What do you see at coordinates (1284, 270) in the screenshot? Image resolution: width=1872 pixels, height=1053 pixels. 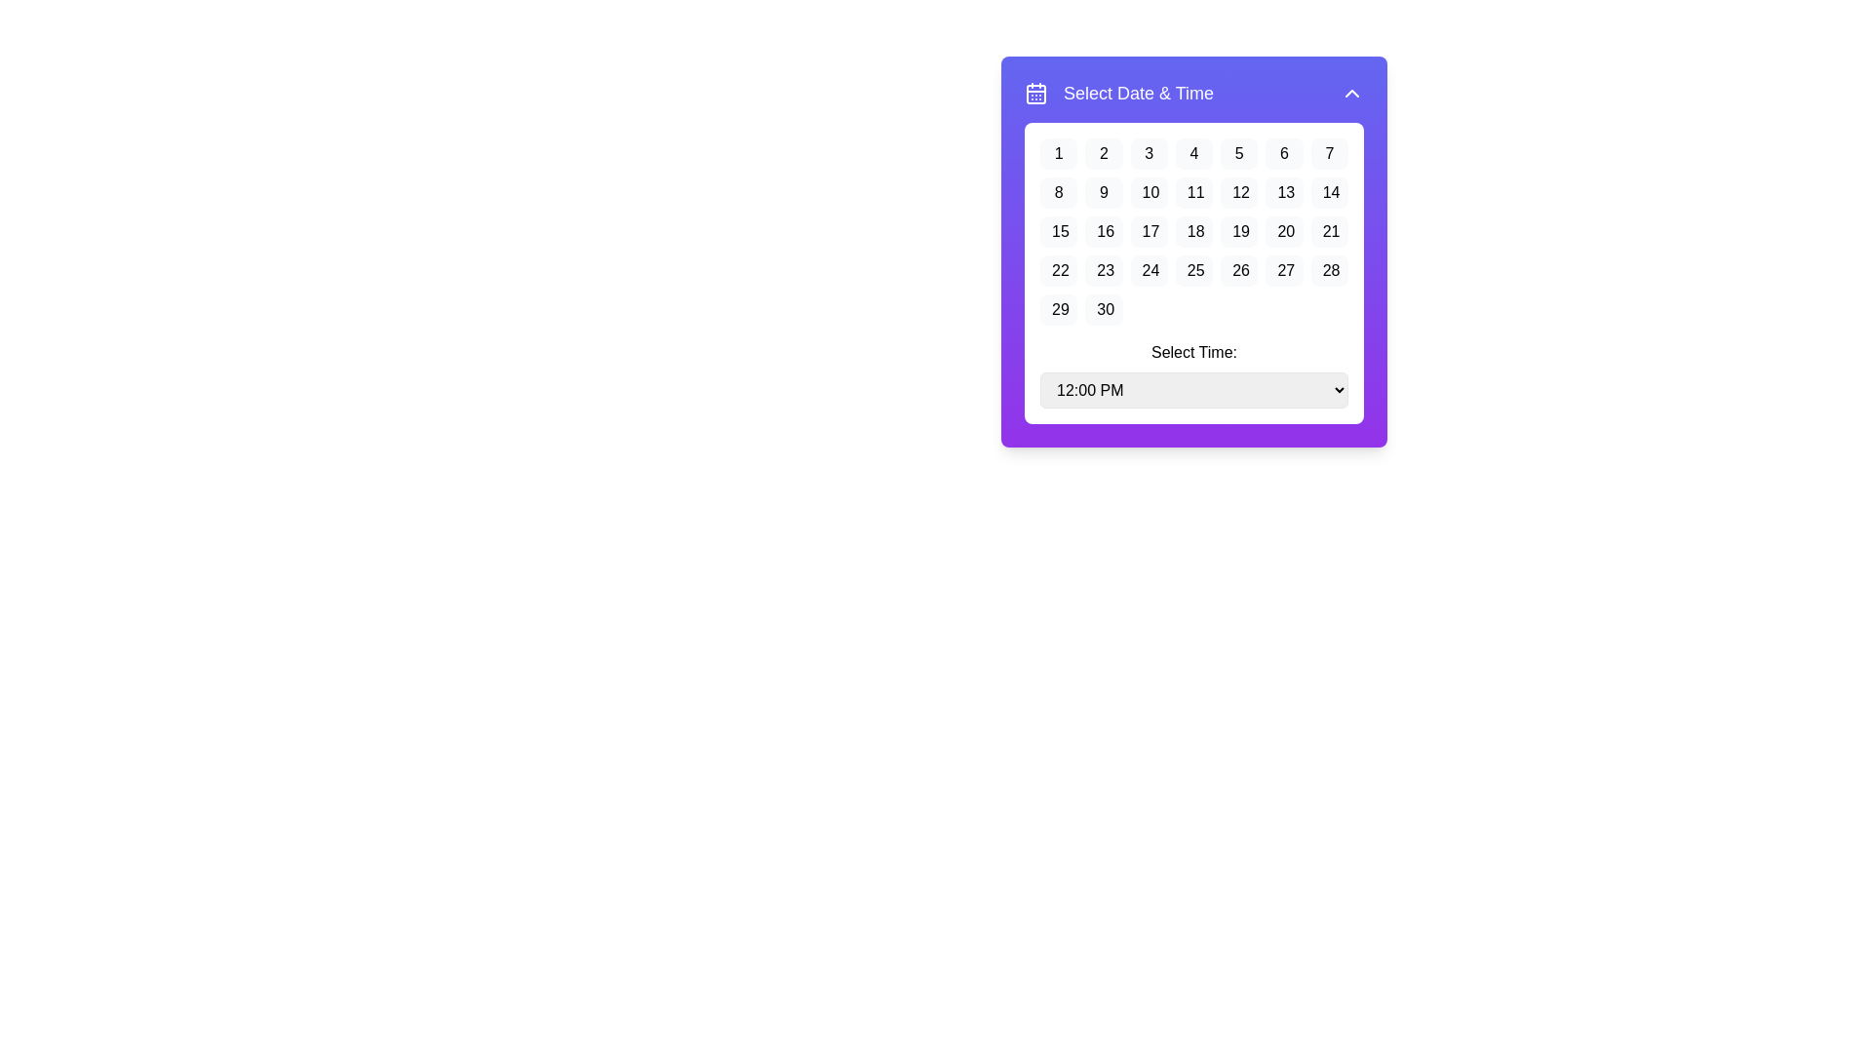 I see `the button in the 6th row and 6th column of the calendar grid` at bounding box center [1284, 270].